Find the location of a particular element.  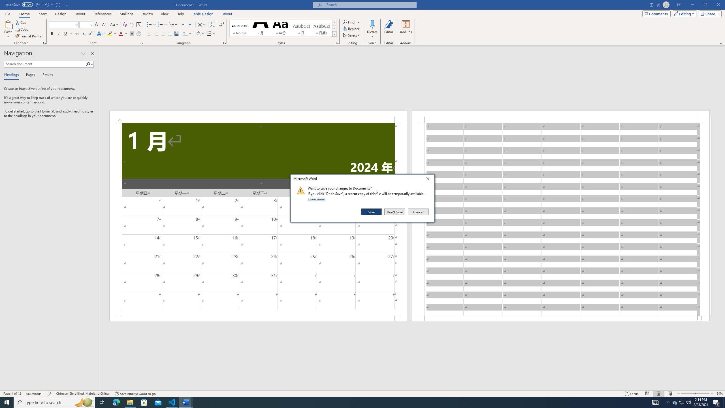

'Results' is located at coordinates (45, 75).